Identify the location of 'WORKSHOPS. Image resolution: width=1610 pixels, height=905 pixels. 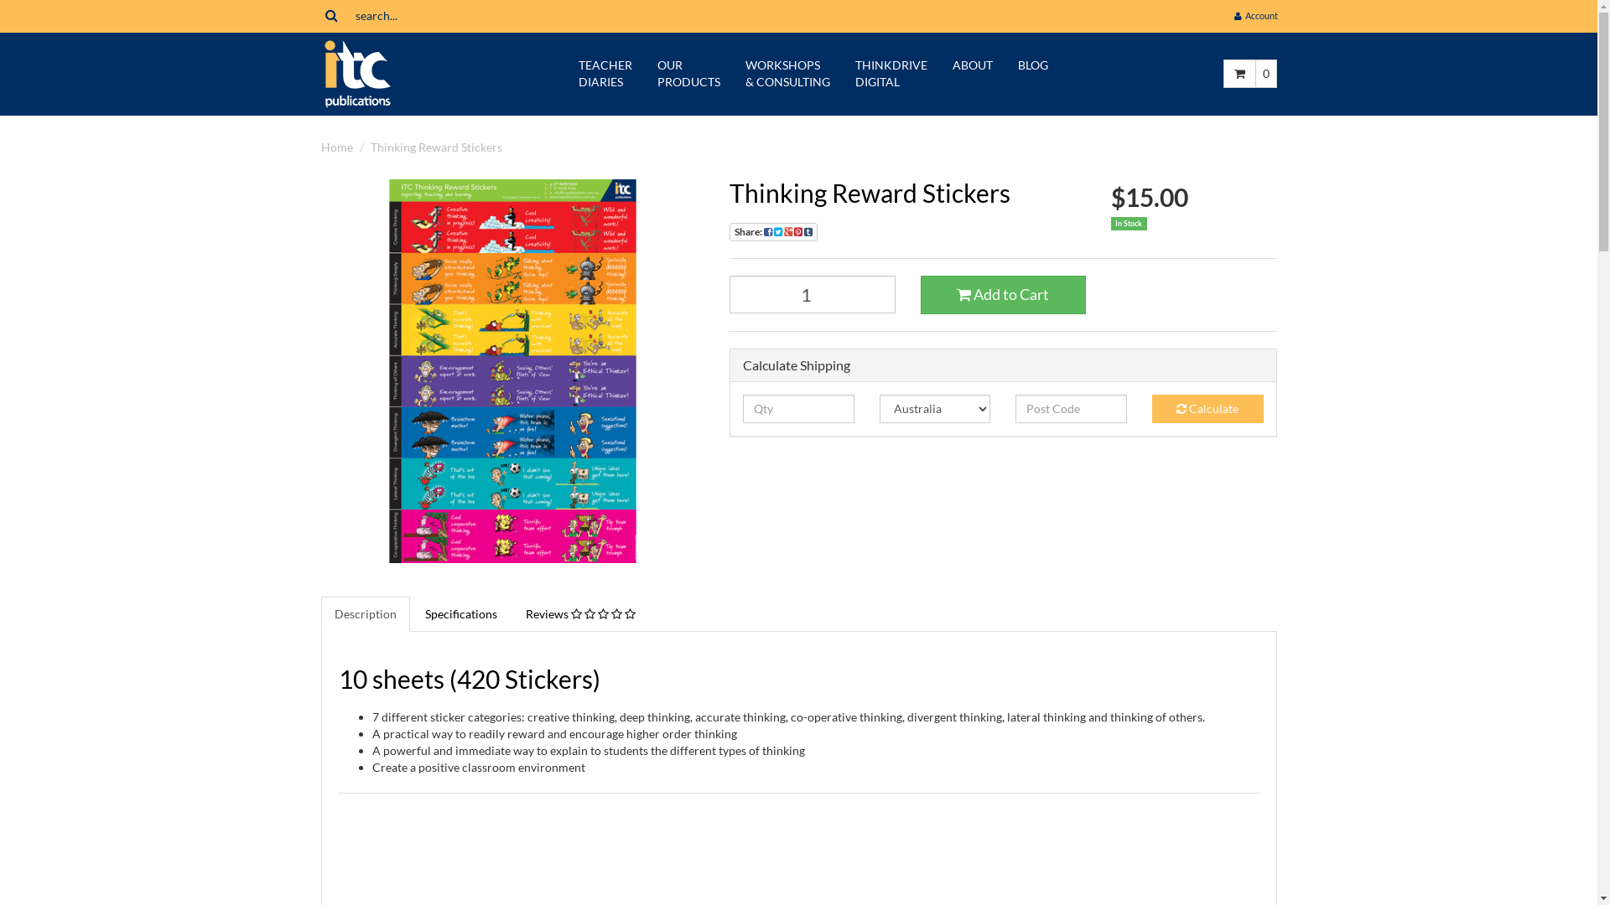
(732, 73).